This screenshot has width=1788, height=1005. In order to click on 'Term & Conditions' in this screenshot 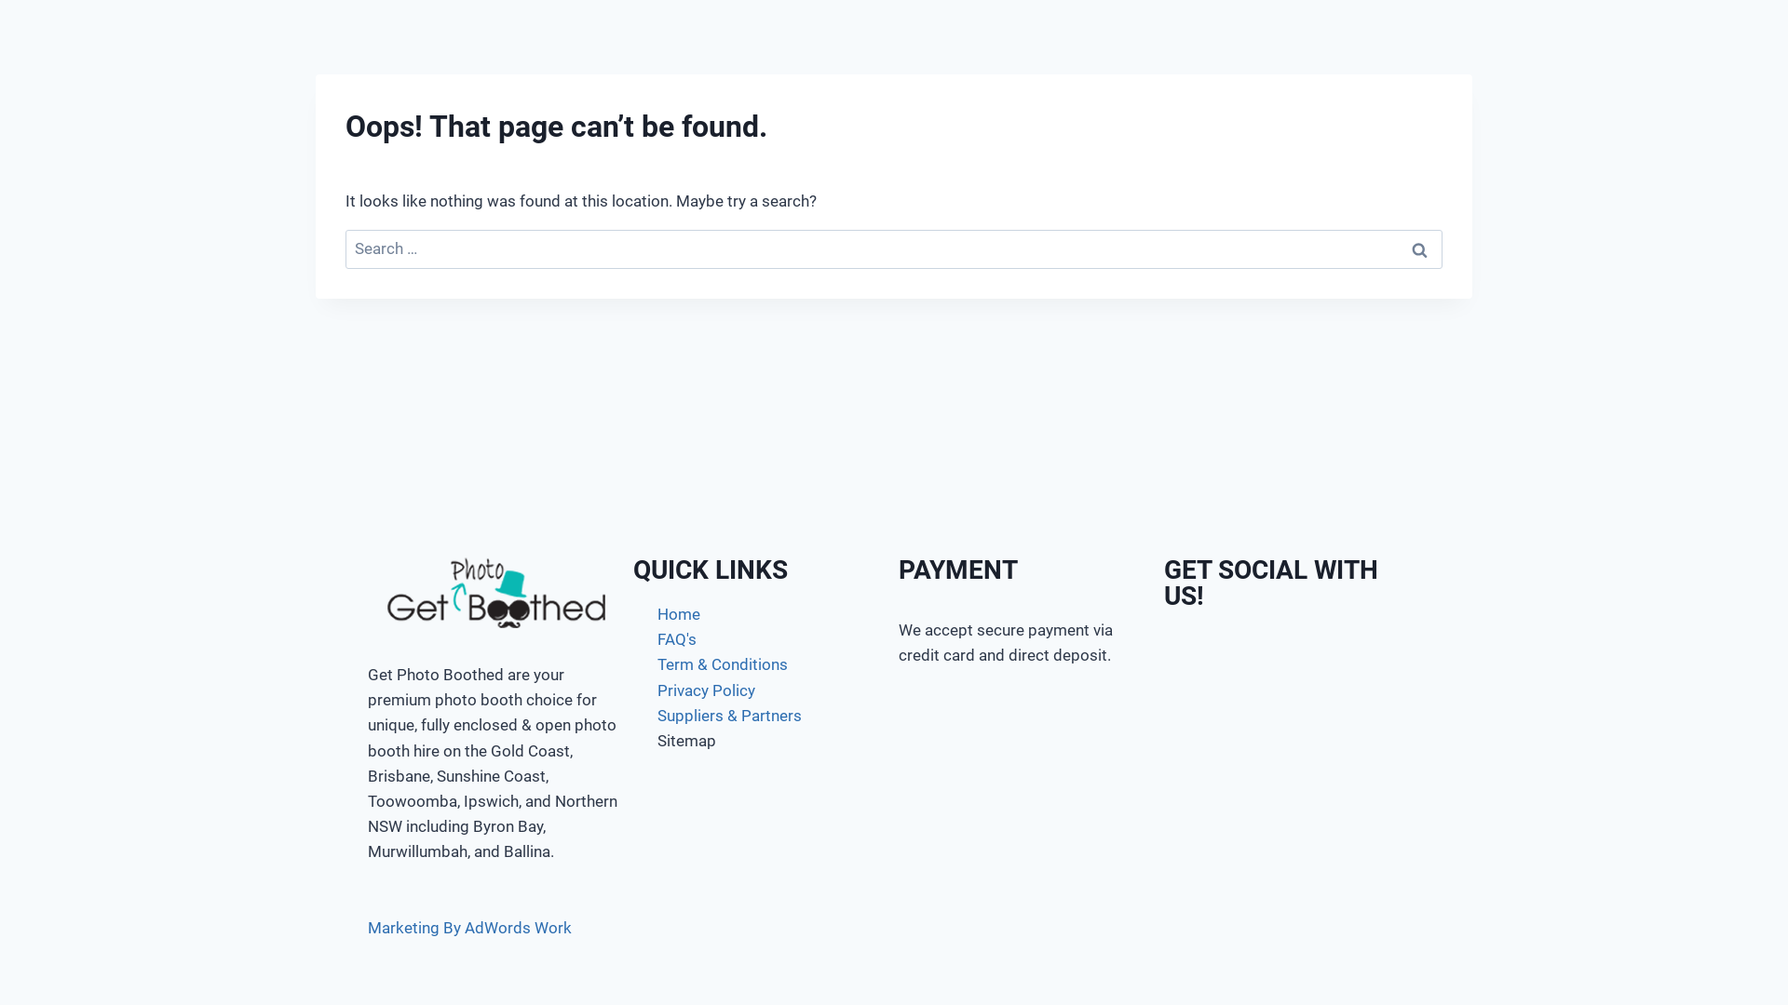, I will do `click(761, 663)`.